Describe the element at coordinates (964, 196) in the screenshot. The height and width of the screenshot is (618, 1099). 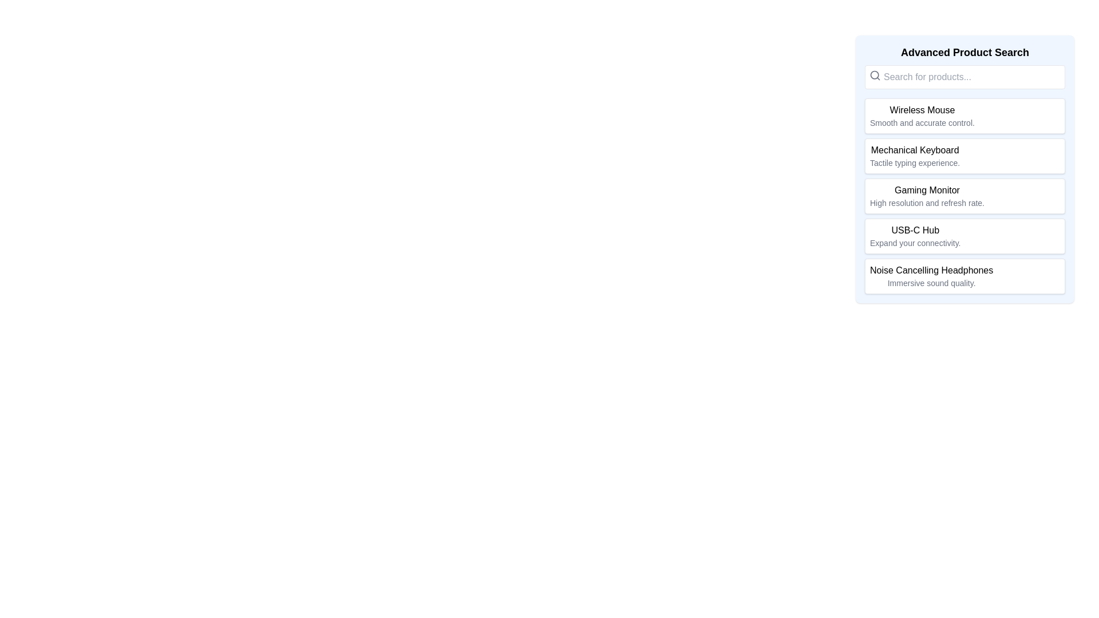
I see `the list item representing the product 'Gaming Monitor'` at that location.